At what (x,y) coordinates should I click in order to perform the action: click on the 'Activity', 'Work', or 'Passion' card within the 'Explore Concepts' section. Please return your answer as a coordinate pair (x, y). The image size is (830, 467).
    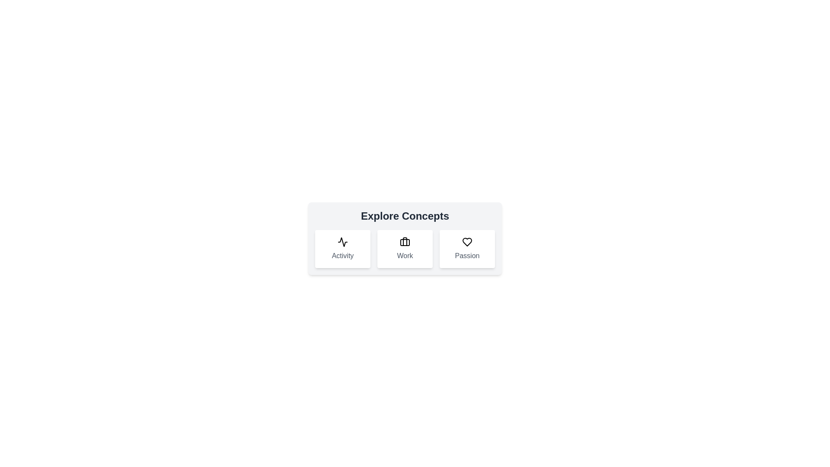
    Looking at the image, I should click on (404, 238).